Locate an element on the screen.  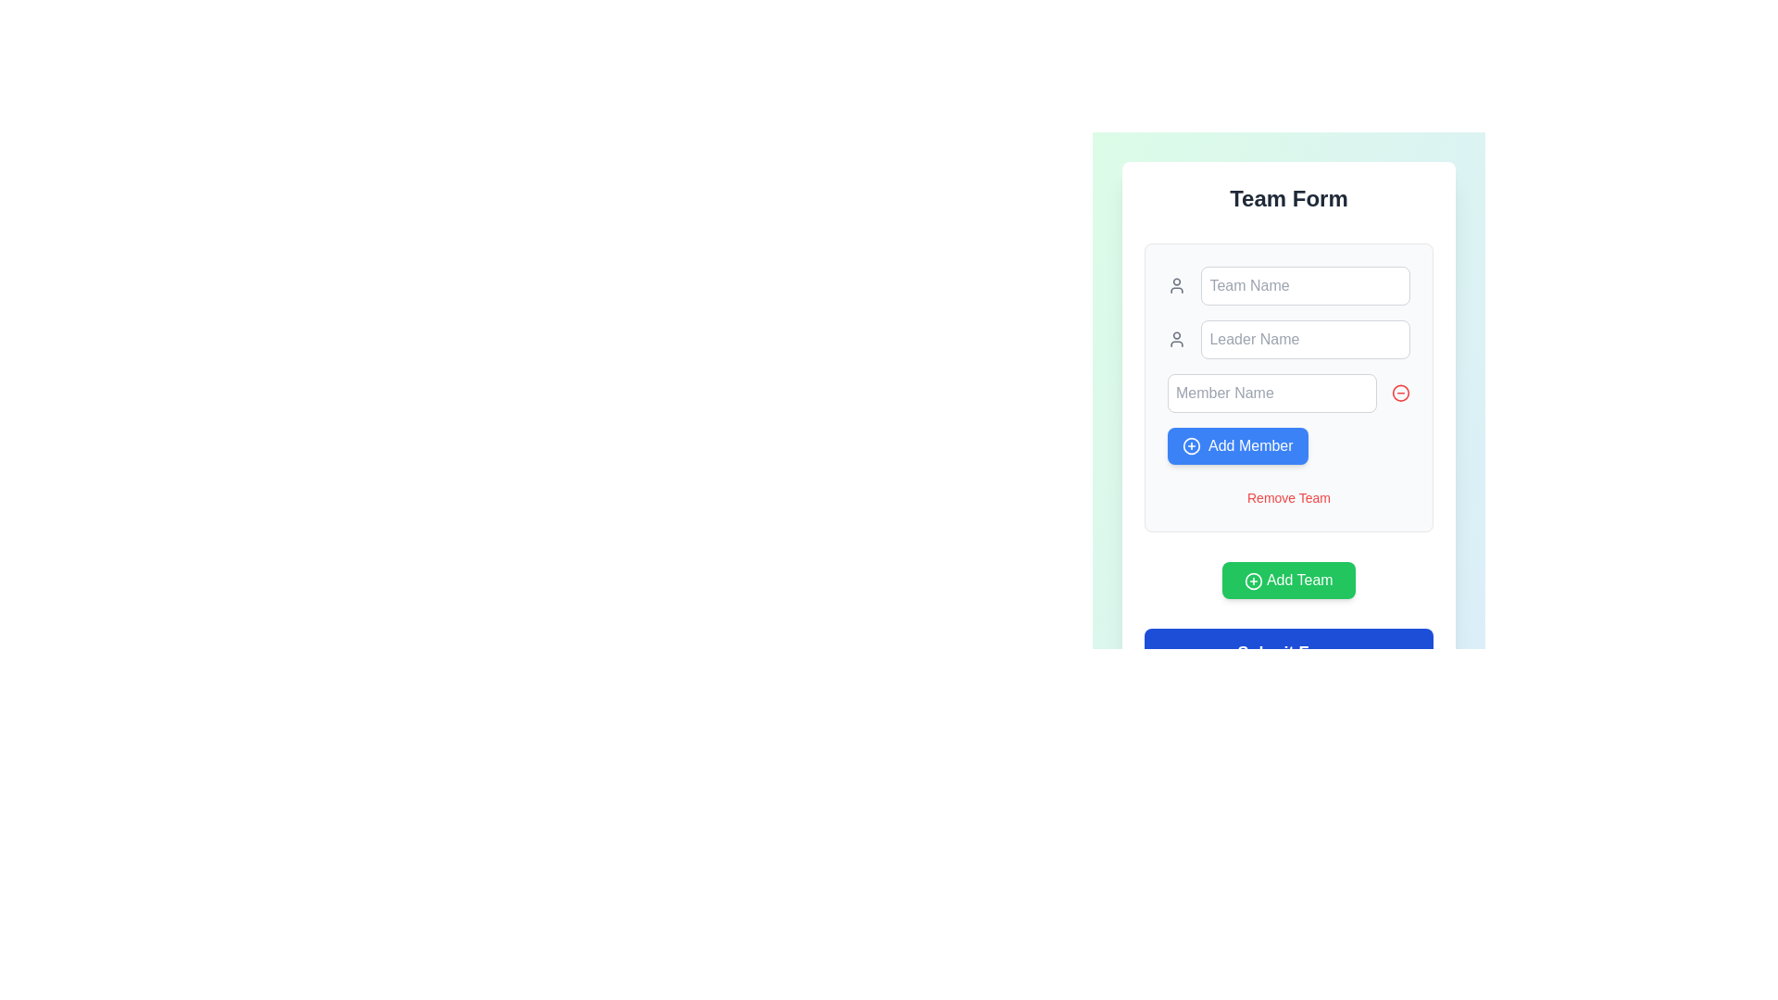
the circular icon with a plus sign in the center, styled with a green outline and white fill, located inside the 'Add Team' button, to interact is located at coordinates (1254, 580).